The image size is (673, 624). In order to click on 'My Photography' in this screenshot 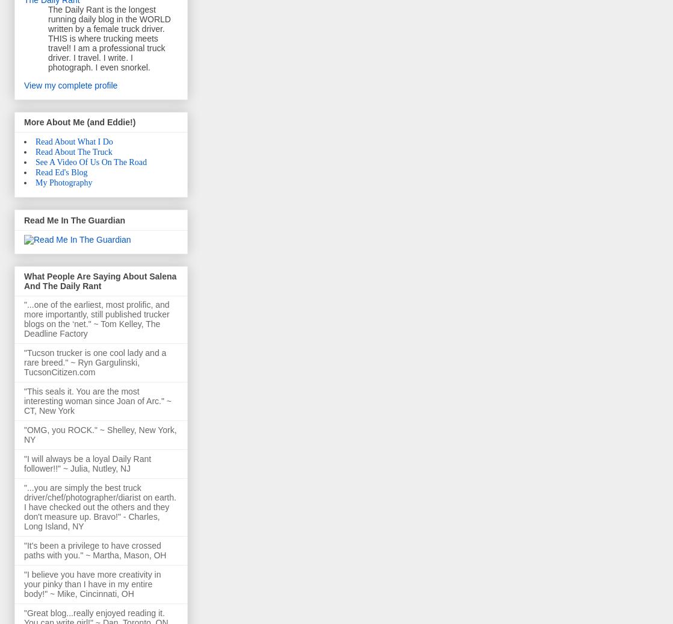, I will do `click(63, 183)`.